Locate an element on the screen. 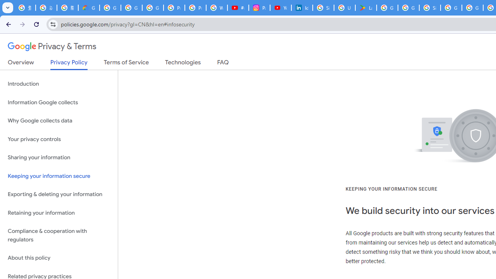 This screenshot has width=496, height=279. 'Sign in - Google Accounts' is located at coordinates (429, 8).